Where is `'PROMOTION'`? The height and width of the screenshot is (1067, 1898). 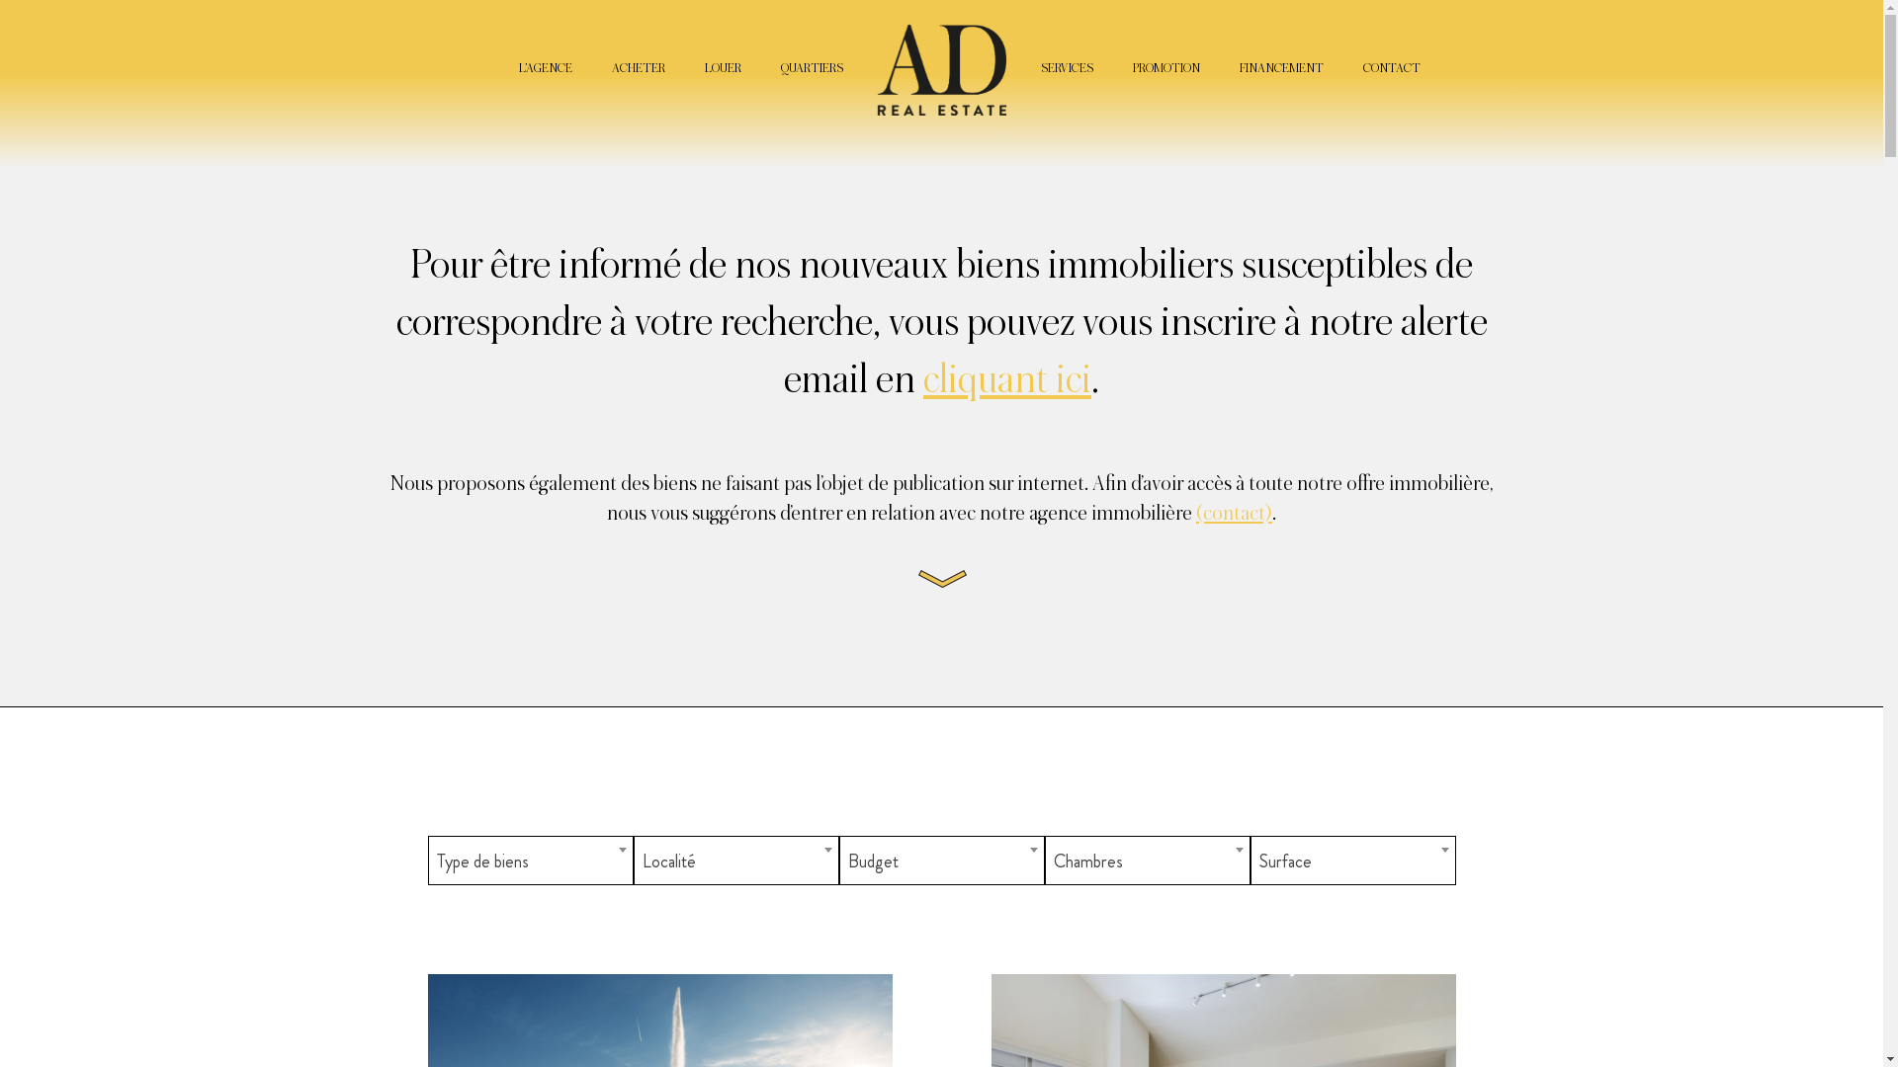
'PROMOTION' is located at coordinates (1166, 67).